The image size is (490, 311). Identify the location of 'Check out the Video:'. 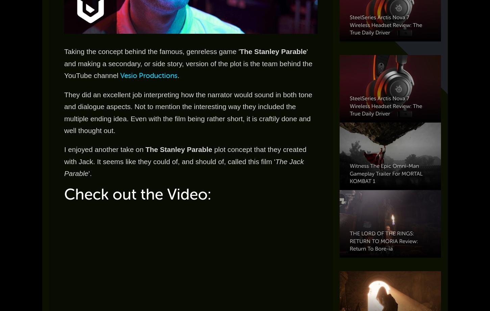
(64, 194).